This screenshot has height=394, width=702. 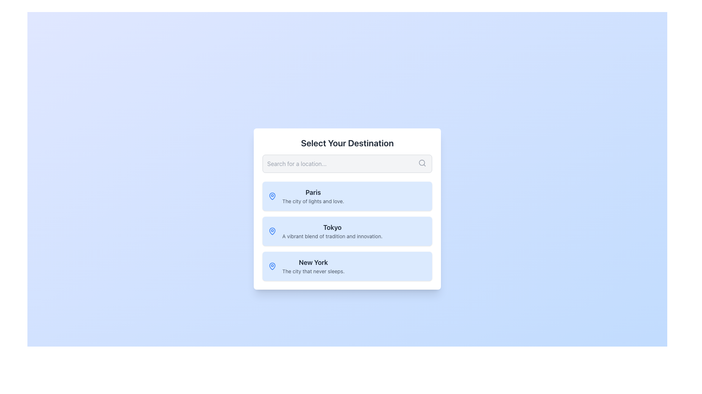 I want to click on the text block displaying 'New York', so click(x=313, y=266).